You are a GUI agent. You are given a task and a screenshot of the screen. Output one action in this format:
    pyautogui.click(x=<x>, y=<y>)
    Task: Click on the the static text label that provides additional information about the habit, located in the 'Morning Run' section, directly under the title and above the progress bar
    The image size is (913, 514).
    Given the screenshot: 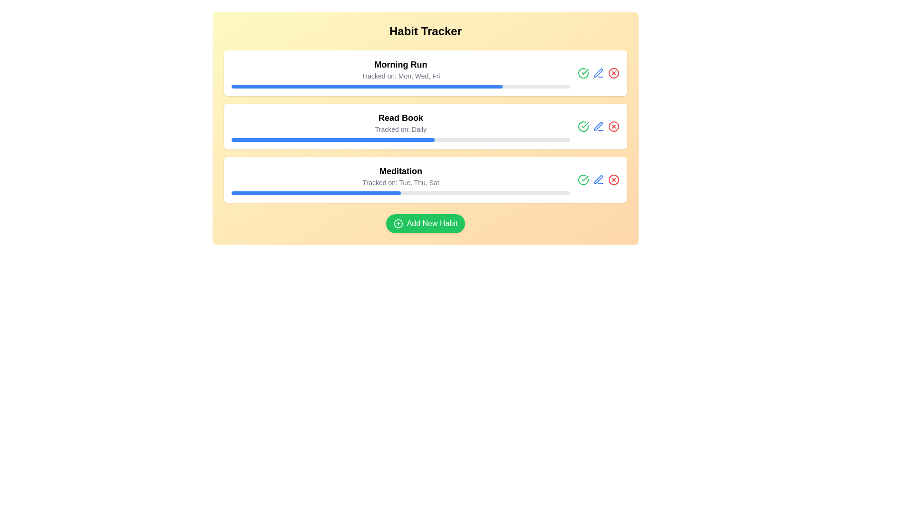 What is the action you would take?
    pyautogui.click(x=401, y=75)
    